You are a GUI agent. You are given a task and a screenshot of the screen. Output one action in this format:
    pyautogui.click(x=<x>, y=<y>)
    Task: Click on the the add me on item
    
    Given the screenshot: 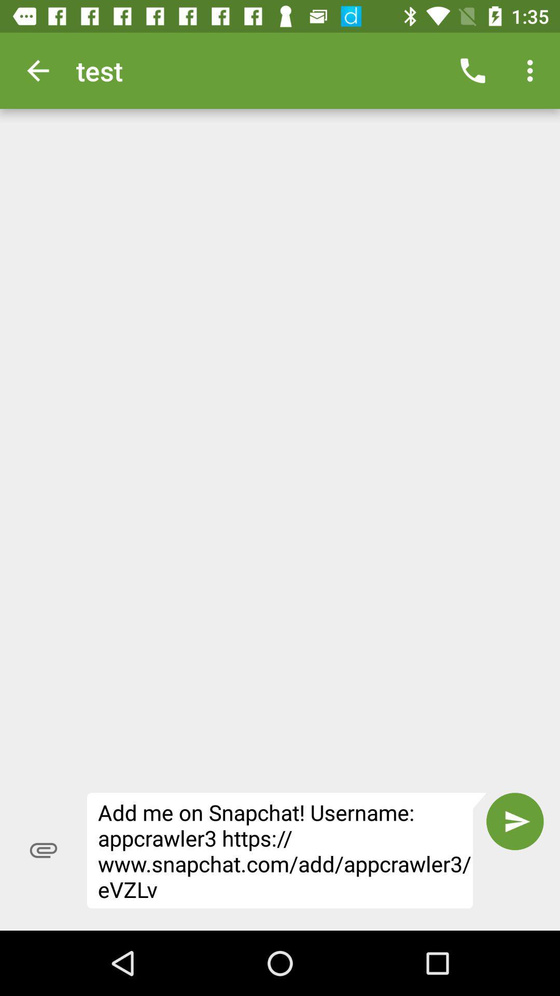 What is the action you would take?
    pyautogui.click(x=287, y=850)
    